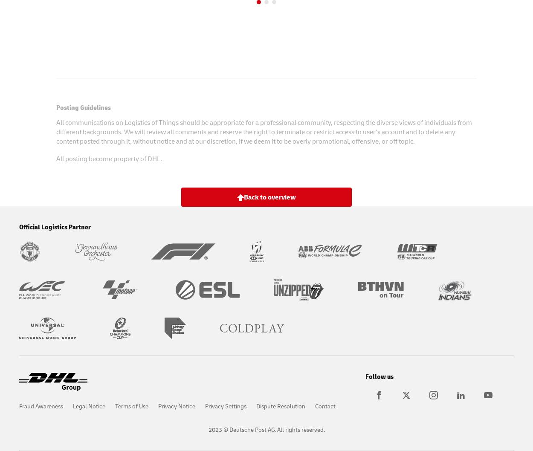 The height and width of the screenshot is (451, 533). Describe the element at coordinates (83, 107) in the screenshot. I see `'Posting Guidelines'` at that location.